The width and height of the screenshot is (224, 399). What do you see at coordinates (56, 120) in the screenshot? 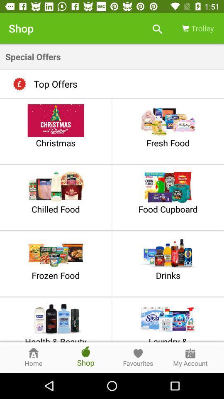
I see `the first image in the first row` at bounding box center [56, 120].